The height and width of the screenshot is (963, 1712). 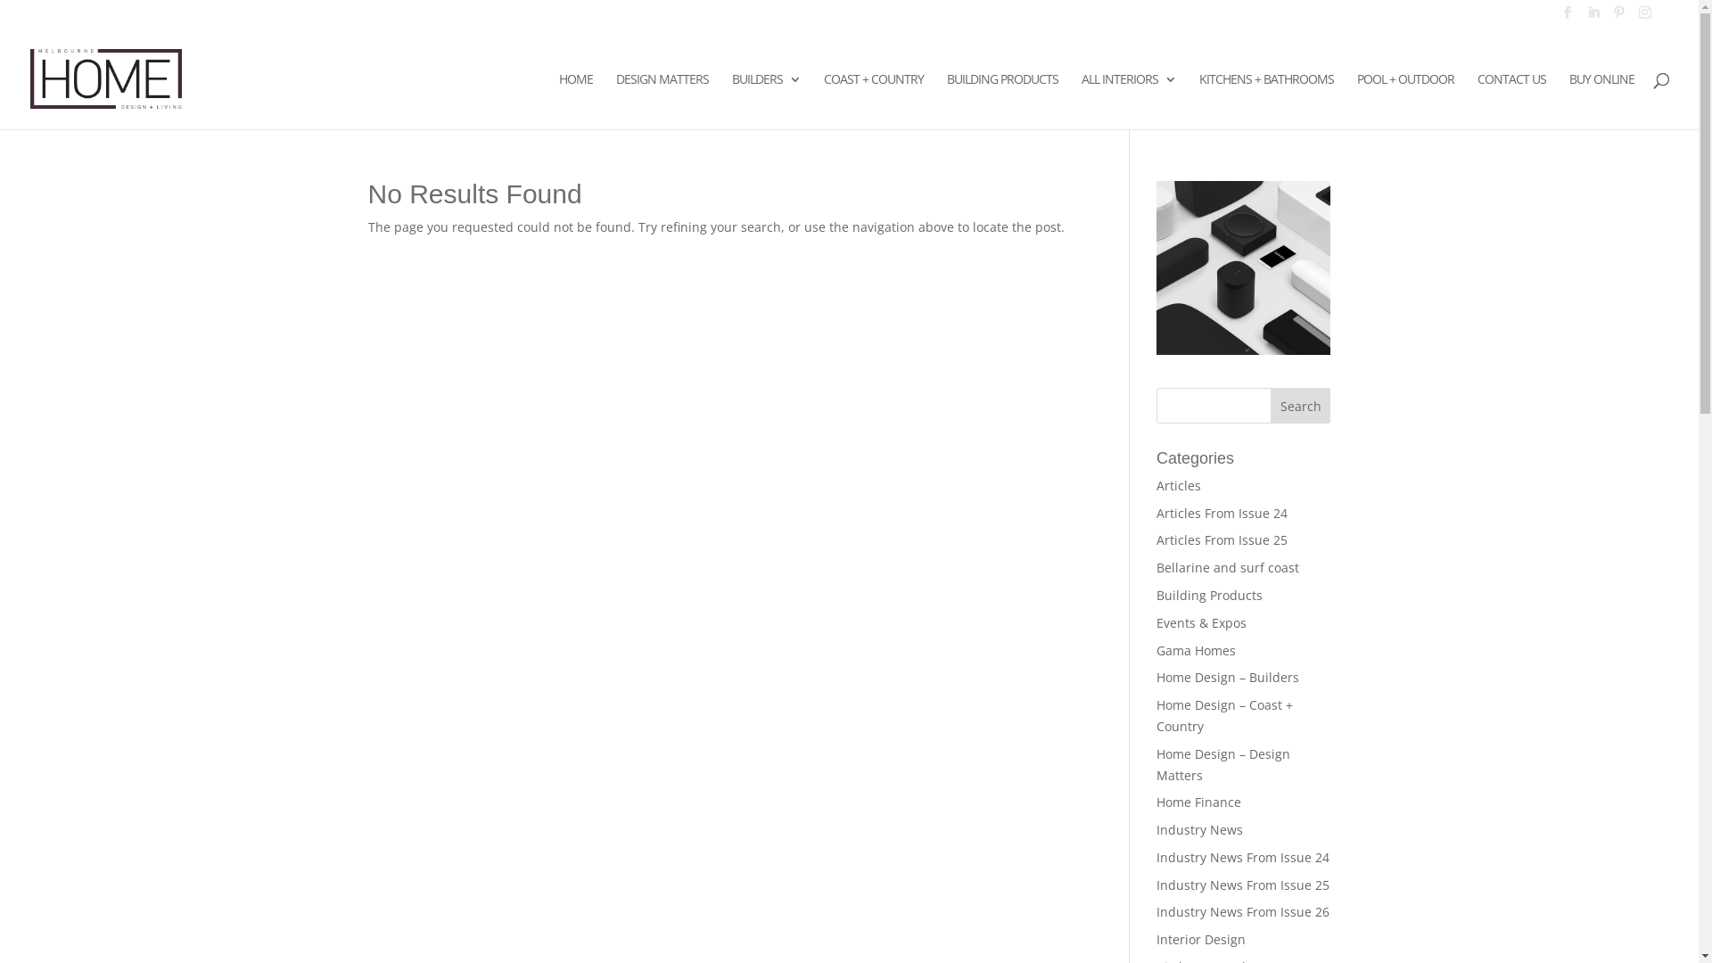 I want to click on 'HOME', so click(x=576, y=101).